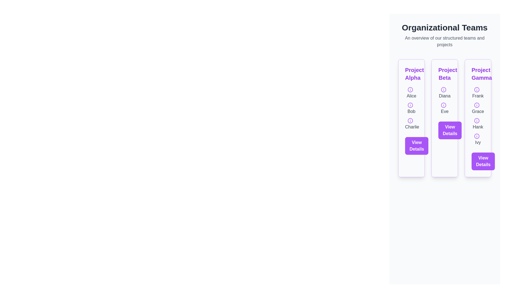 This screenshot has width=532, height=299. I want to click on the text label displaying the name 'Alice' in gray, located underneath the informational icon in the 'Project Alpha' column, so click(411, 92).